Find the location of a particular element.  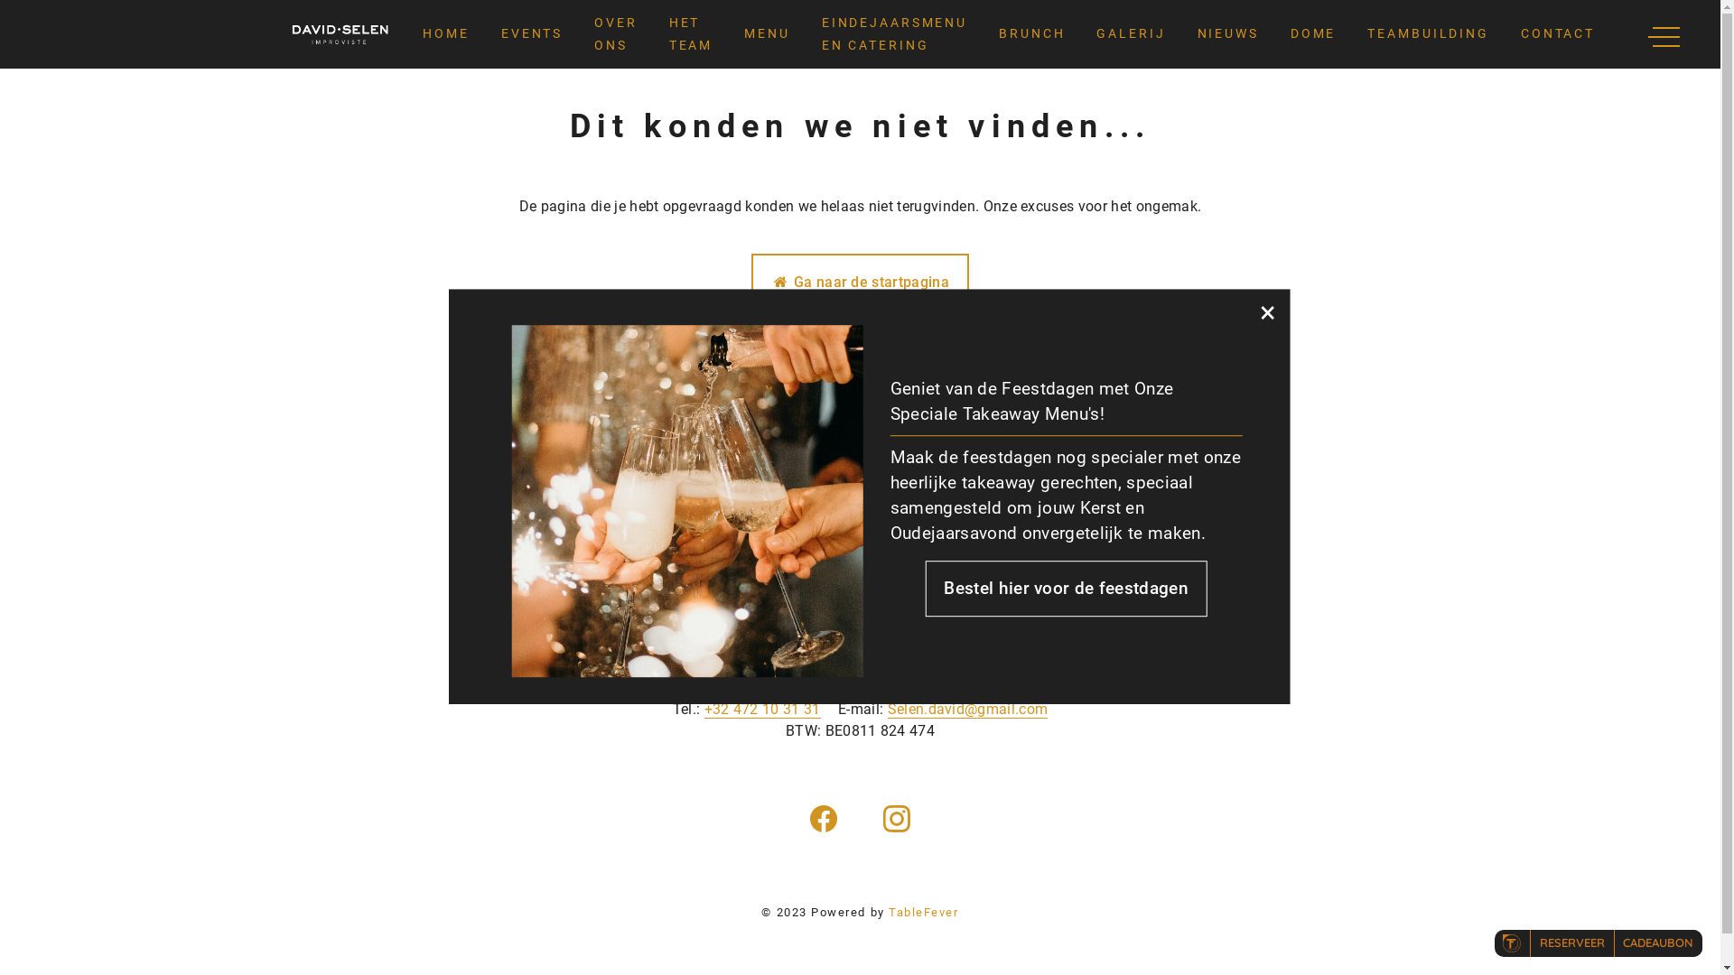

'EINDEJAARSMENU EN CATERING' is located at coordinates (894, 34).